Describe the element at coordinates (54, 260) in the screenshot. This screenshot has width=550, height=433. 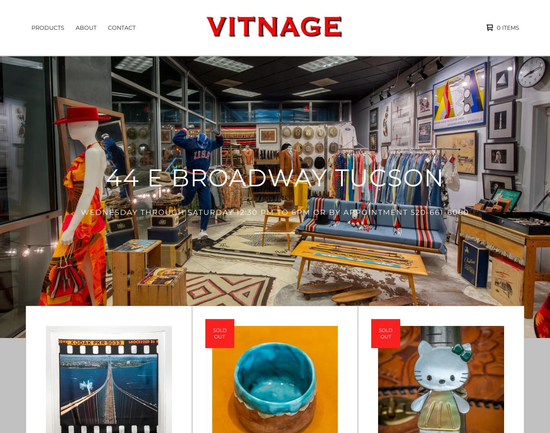
I see `'Vintage NASA'` at that location.